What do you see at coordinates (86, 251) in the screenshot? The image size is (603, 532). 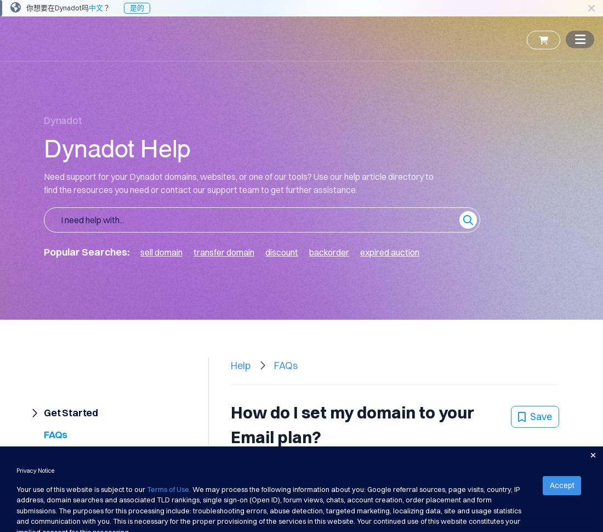 I see `'Popular Searches:'` at bounding box center [86, 251].